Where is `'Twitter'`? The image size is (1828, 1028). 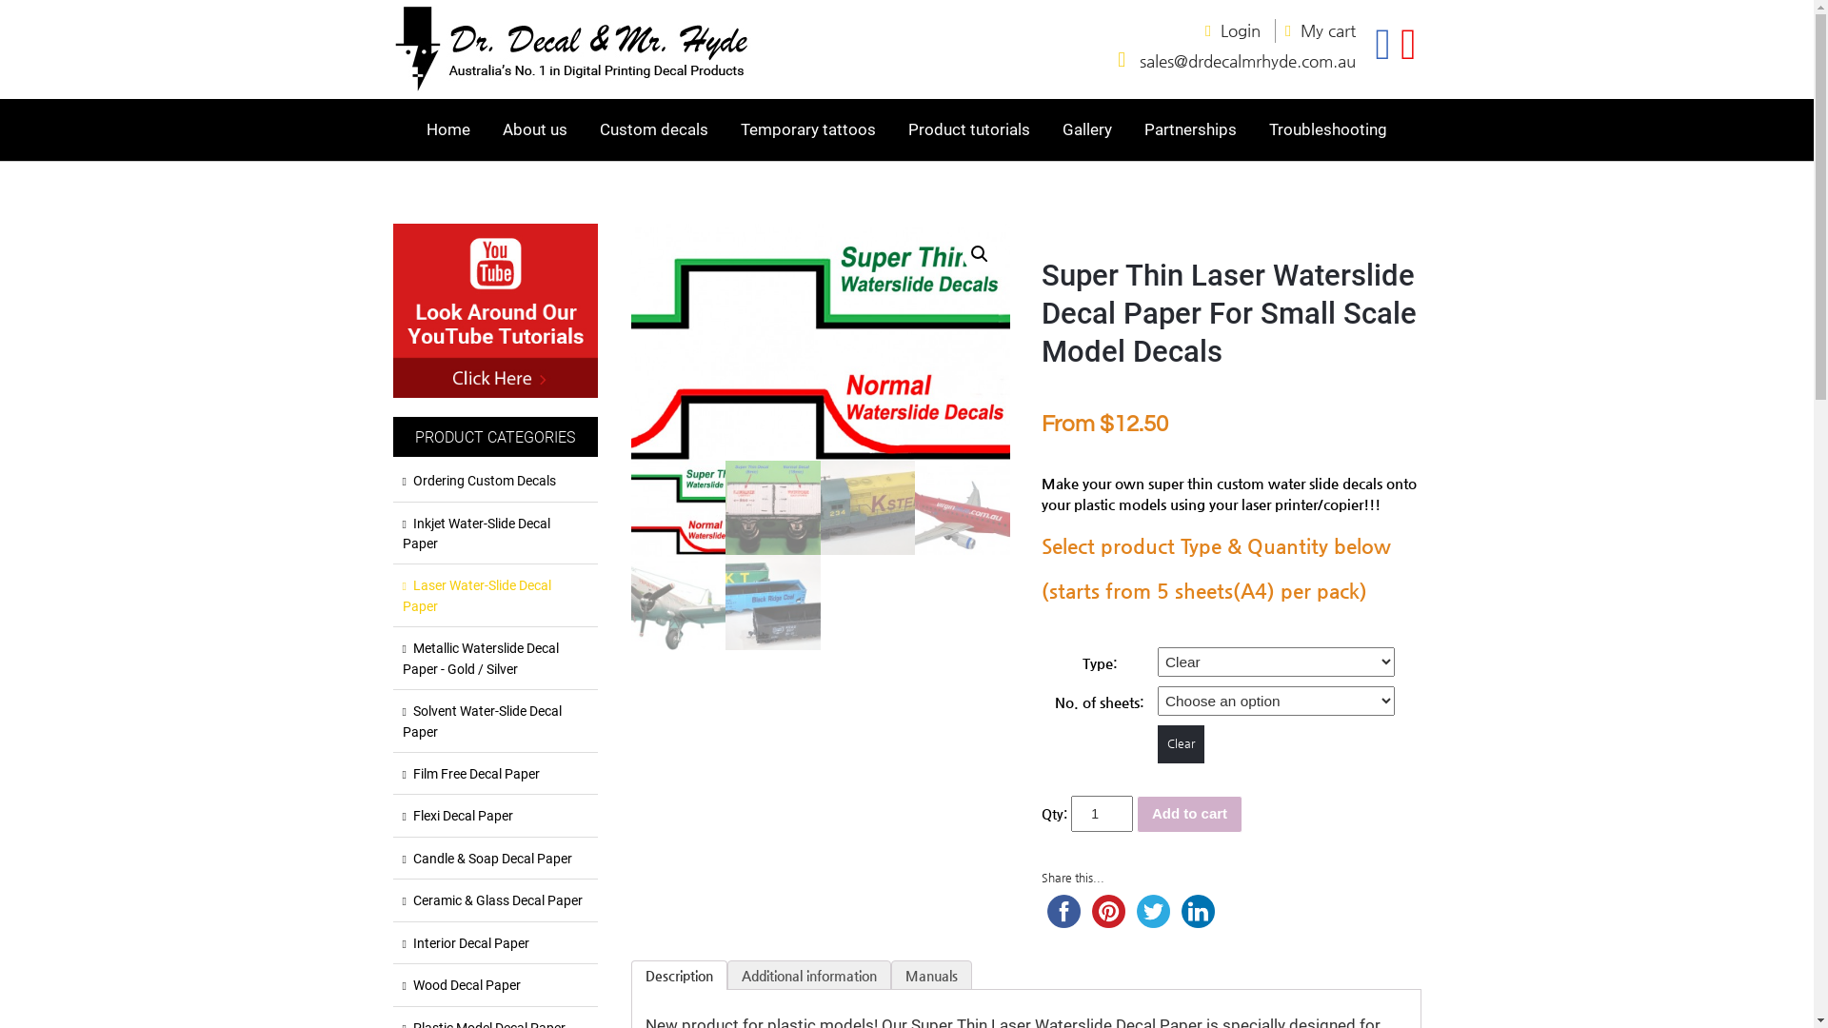 'Twitter' is located at coordinates (1152, 910).